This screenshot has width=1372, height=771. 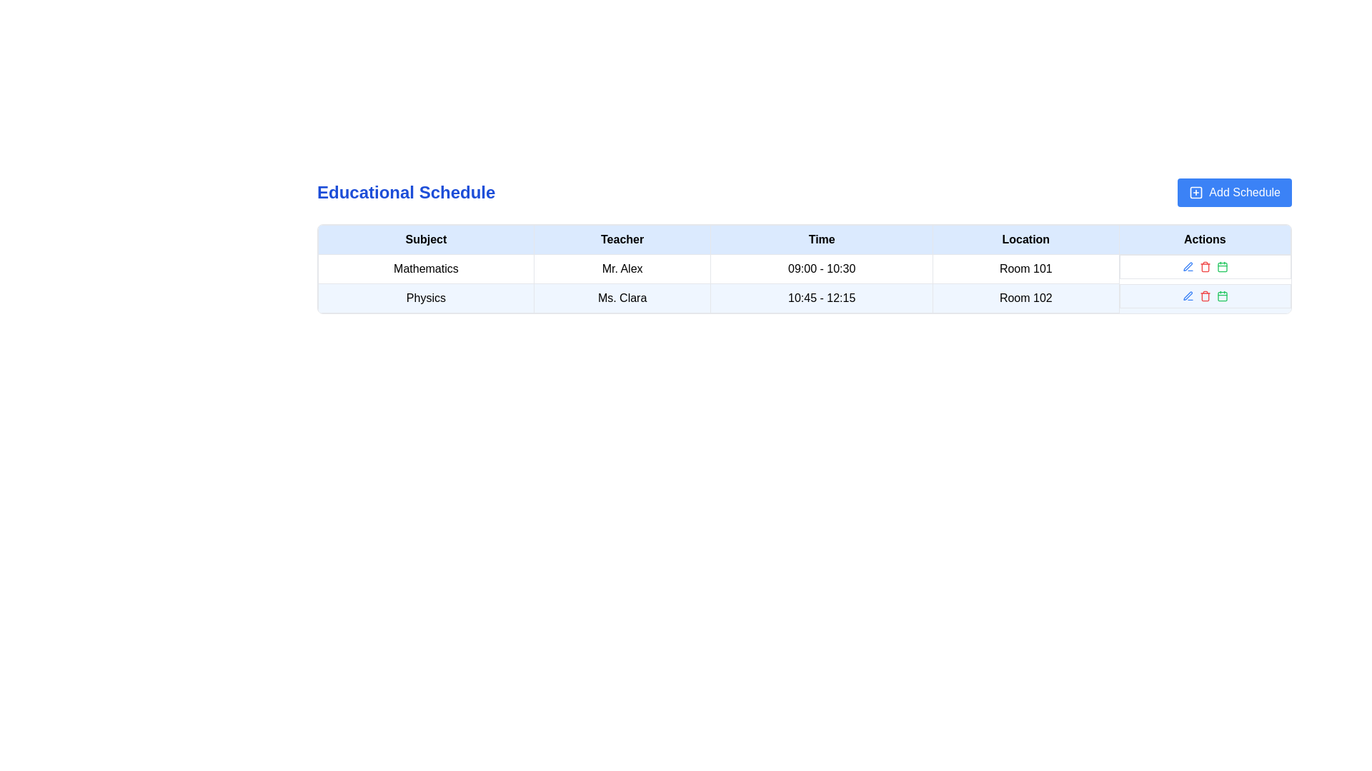 I want to click on the icon located in the 'Actions' column of the Physics row in the table, so click(x=1221, y=267).